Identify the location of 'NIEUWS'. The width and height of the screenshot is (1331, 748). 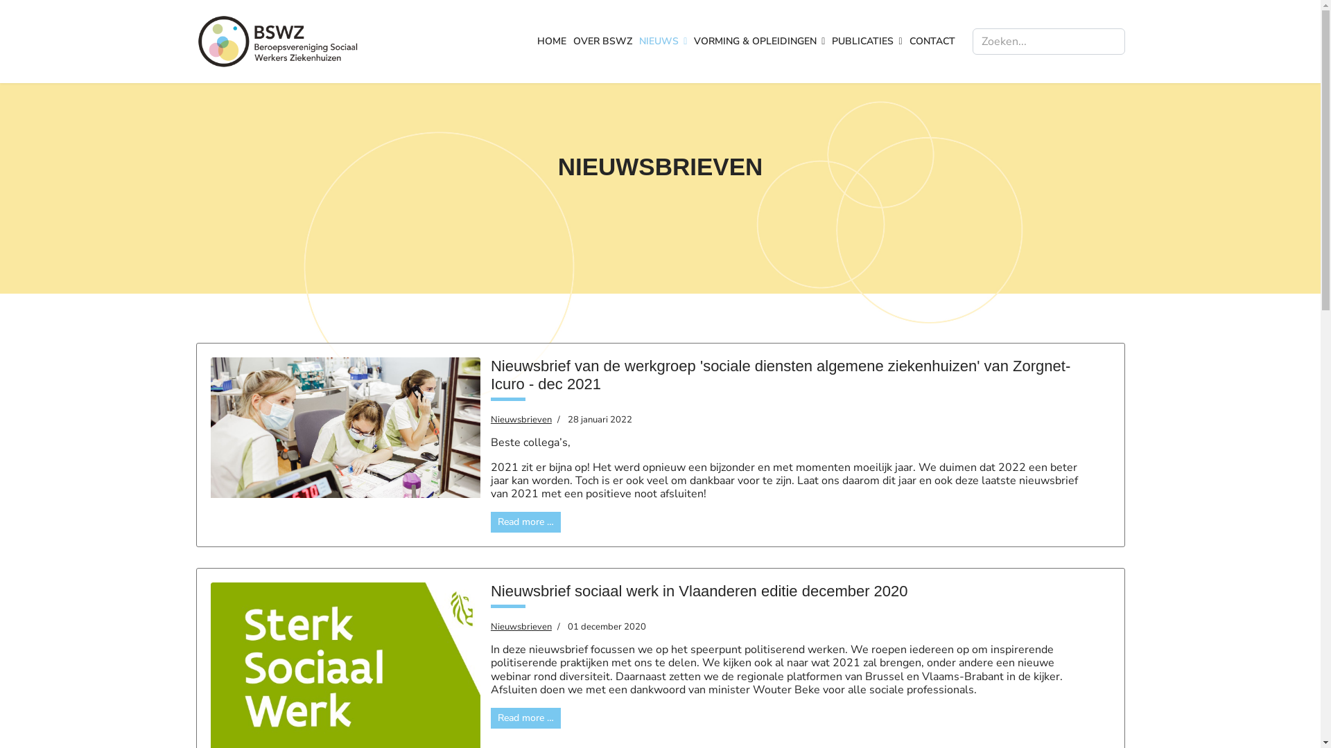
(634, 41).